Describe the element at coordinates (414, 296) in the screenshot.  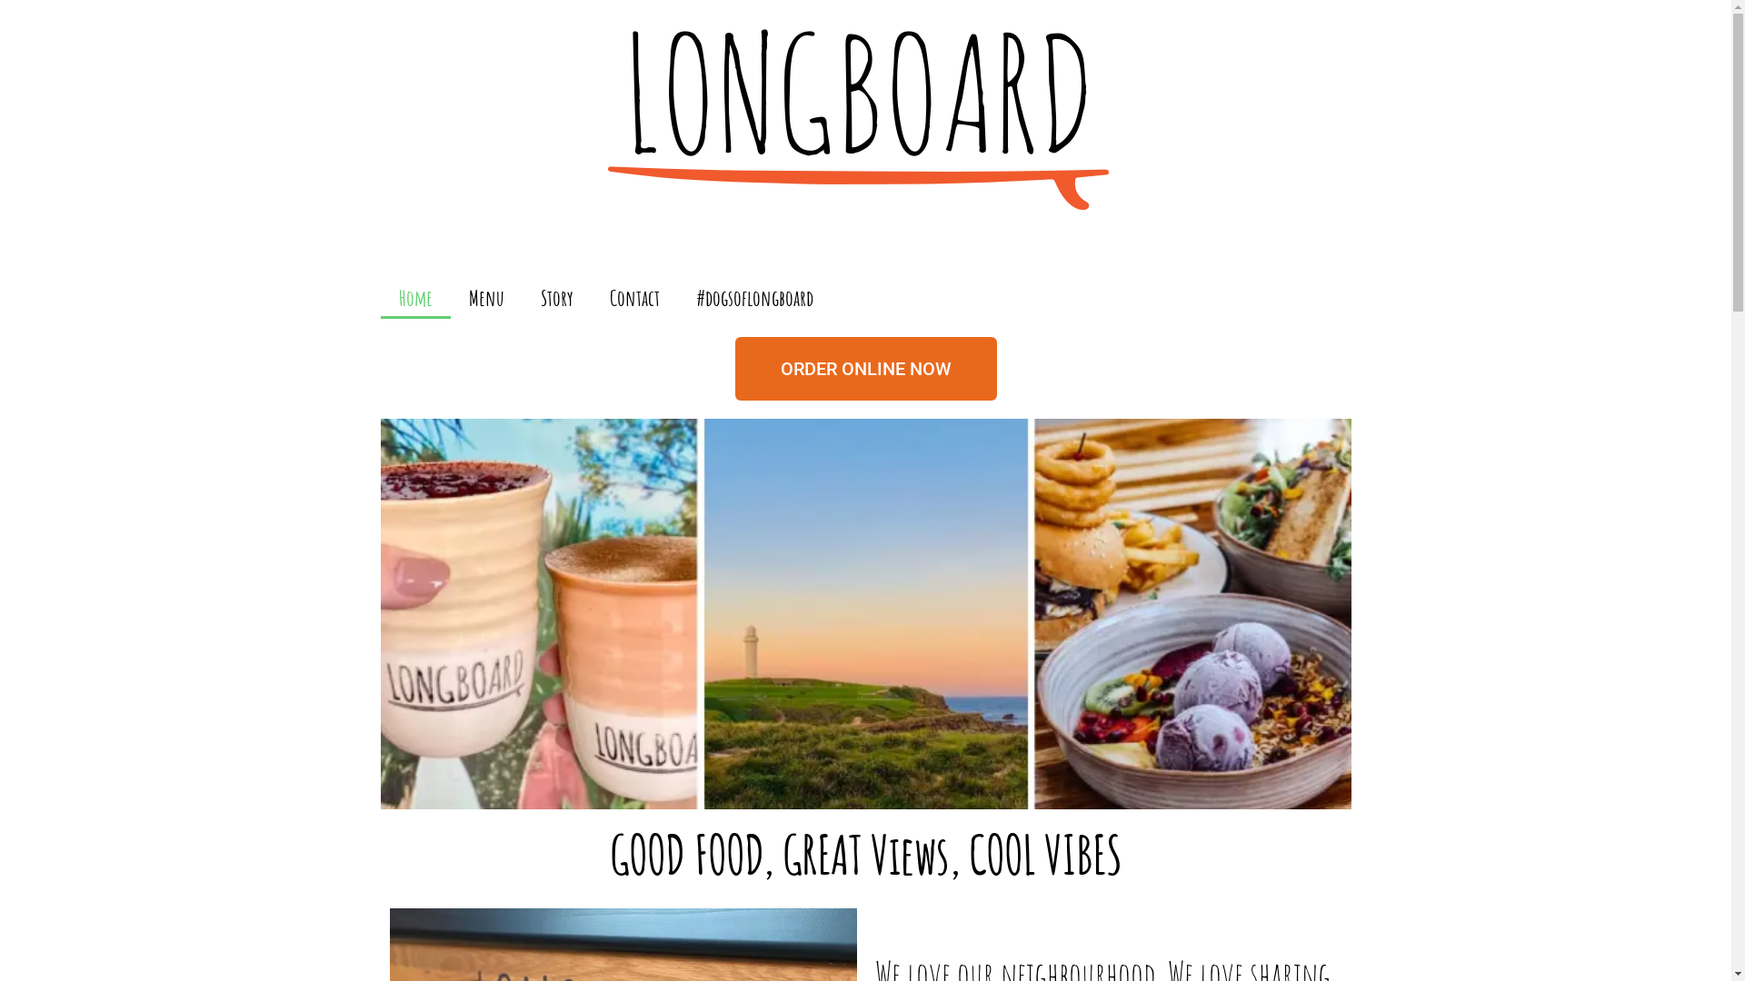
I see `'Home'` at that location.